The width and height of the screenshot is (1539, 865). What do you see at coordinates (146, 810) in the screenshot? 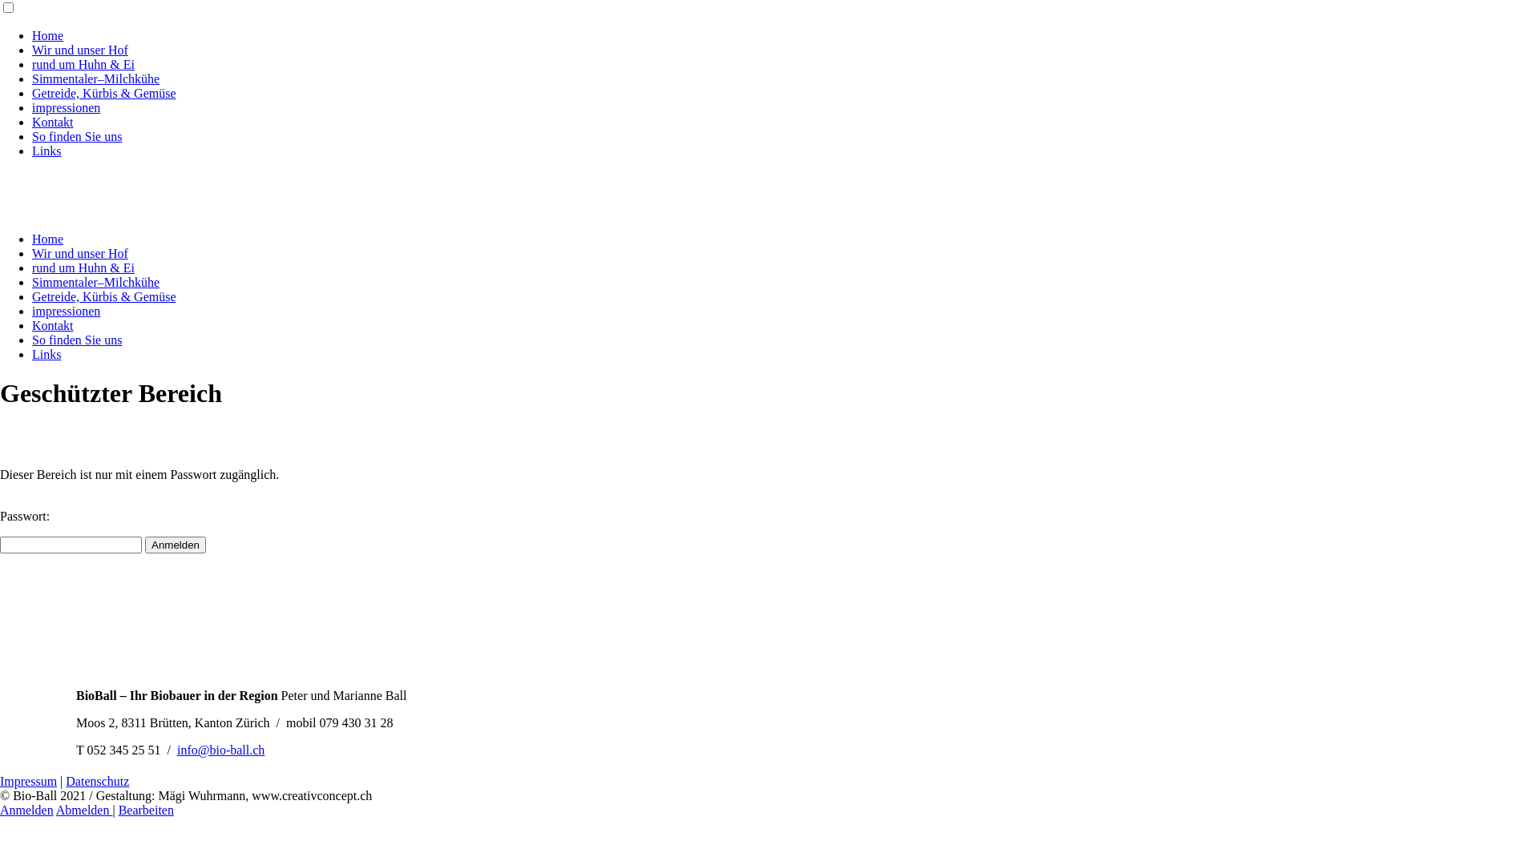
I see `'Bearbeiten'` at bounding box center [146, 810].